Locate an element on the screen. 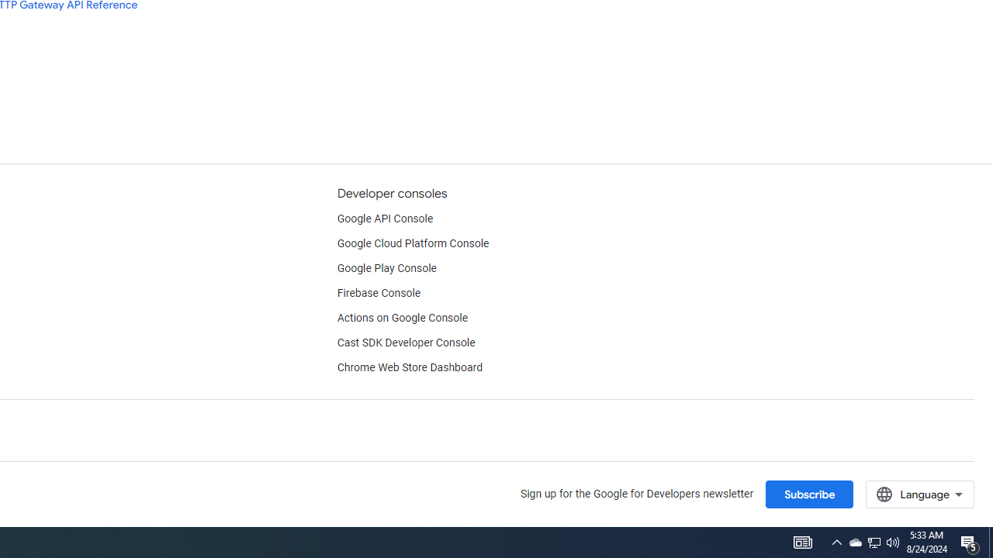 This screenshot has width=993, height=558. 'Actions on Google Console' is located at coordinates (403, 318).